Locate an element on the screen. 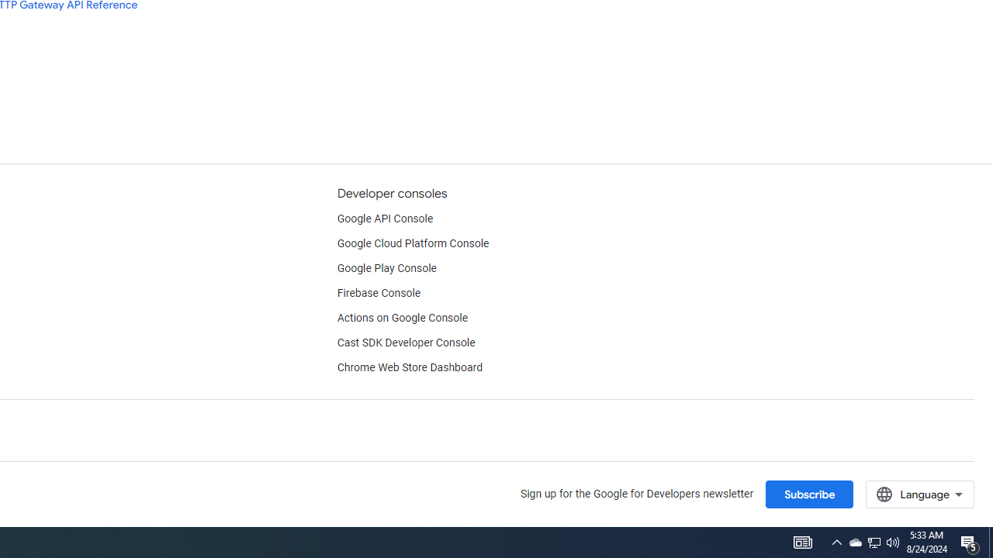 This screenshot has width=993, height=558. 'Actions on Google Console' is located at coordinates (403, 318).